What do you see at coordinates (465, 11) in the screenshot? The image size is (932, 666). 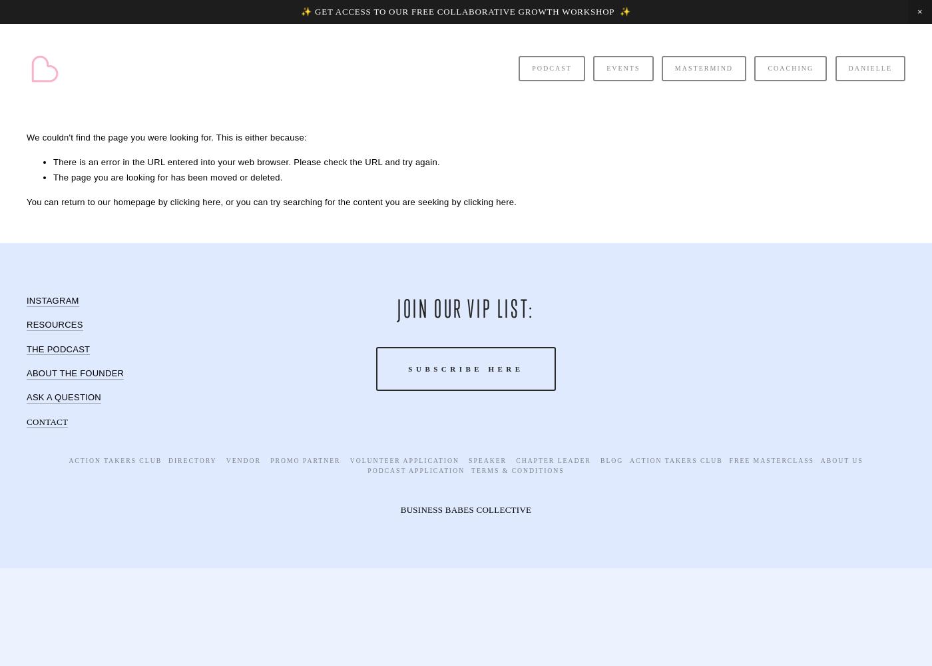 I see `'✨ GET ACCESS TO OUR FREE COLLABORATIVE GROWTH WORKSHOP  ✨'` at bounding box center [465, 11].